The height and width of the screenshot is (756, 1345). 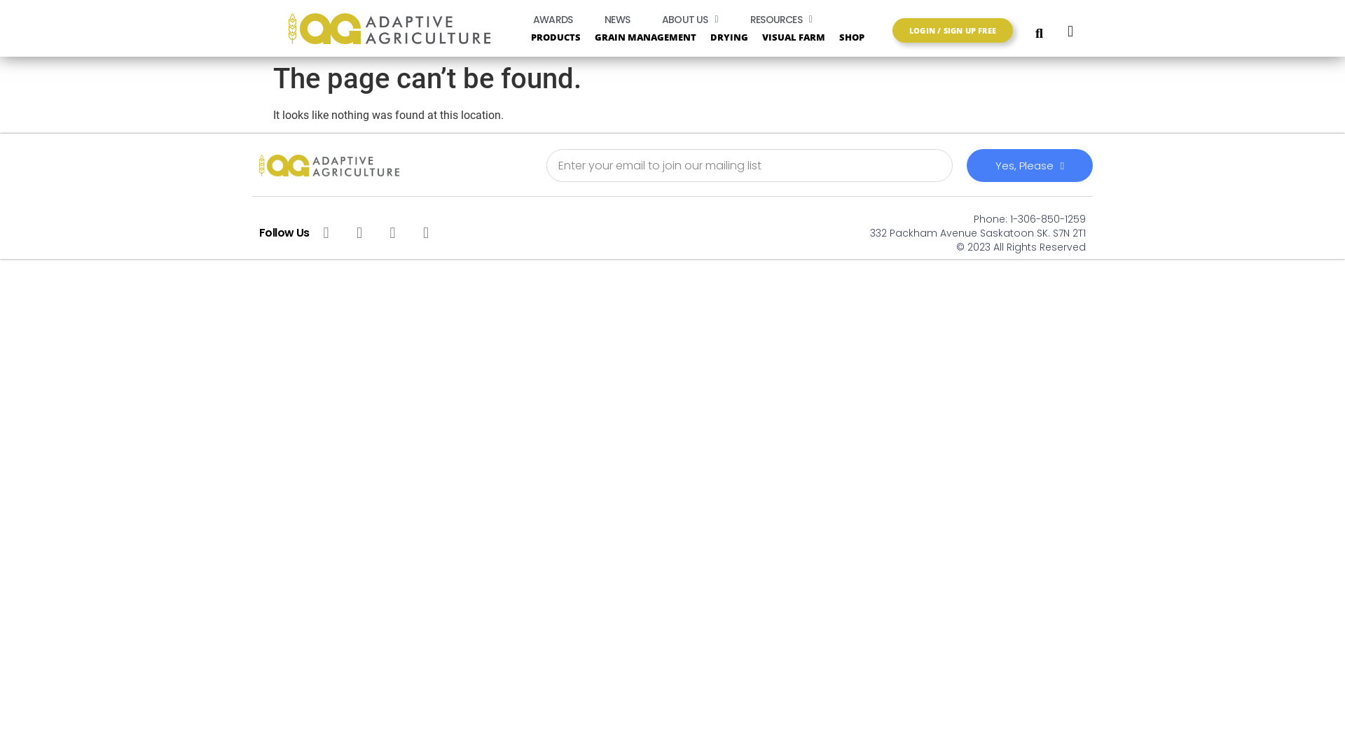 What do you see at coordinates (952, 30) in the screenshot?
I see `'LOGIN / SIGN UP FREE'` at bounding box center [952, 30].